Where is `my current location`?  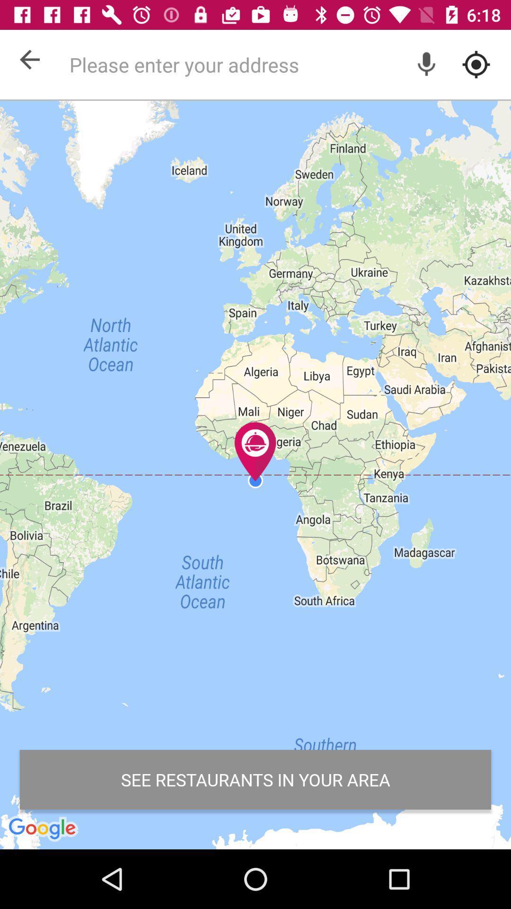
my current location is located at coordinates (476, 64).